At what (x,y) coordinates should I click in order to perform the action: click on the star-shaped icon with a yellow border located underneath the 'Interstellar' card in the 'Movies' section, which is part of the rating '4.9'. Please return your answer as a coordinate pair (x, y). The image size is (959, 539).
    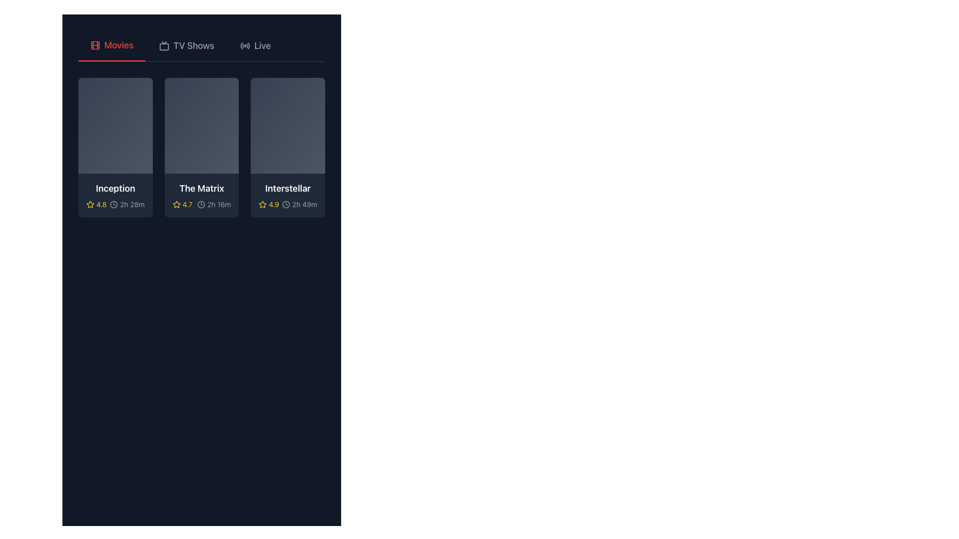
    Looking at the image, I should click on (263, 204).